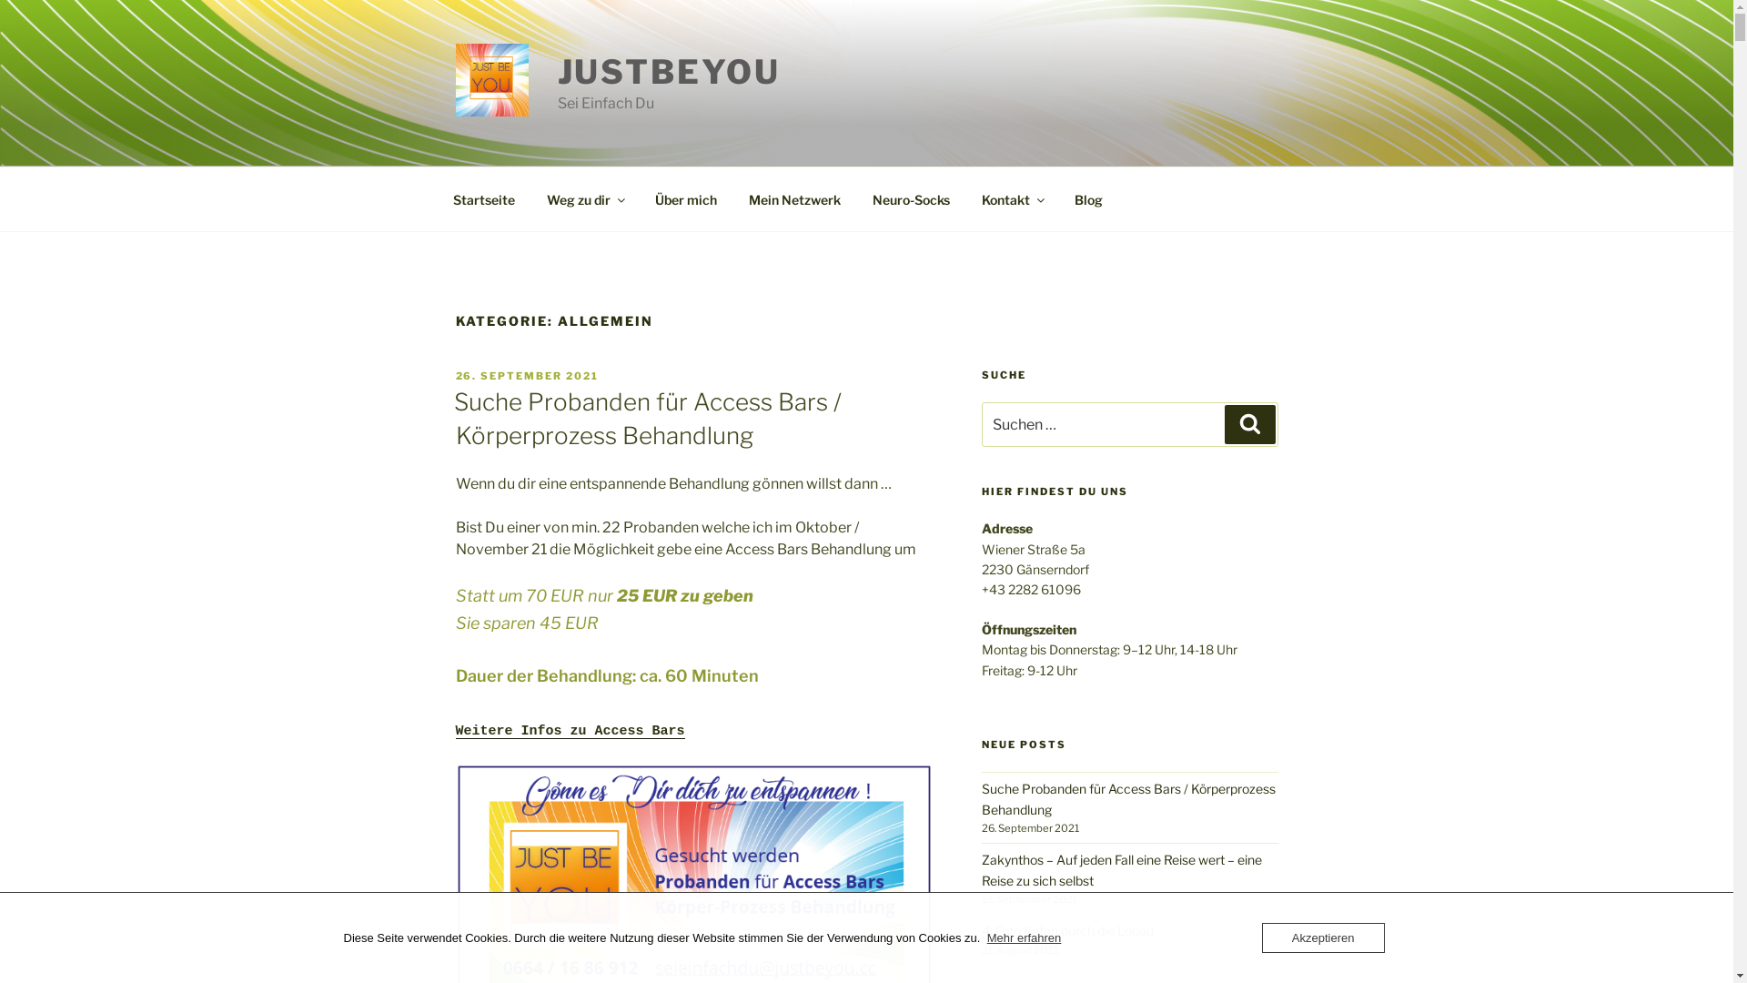 The image size is (1747, 983). I want to click on 'Suchen', so click(1248, 424).